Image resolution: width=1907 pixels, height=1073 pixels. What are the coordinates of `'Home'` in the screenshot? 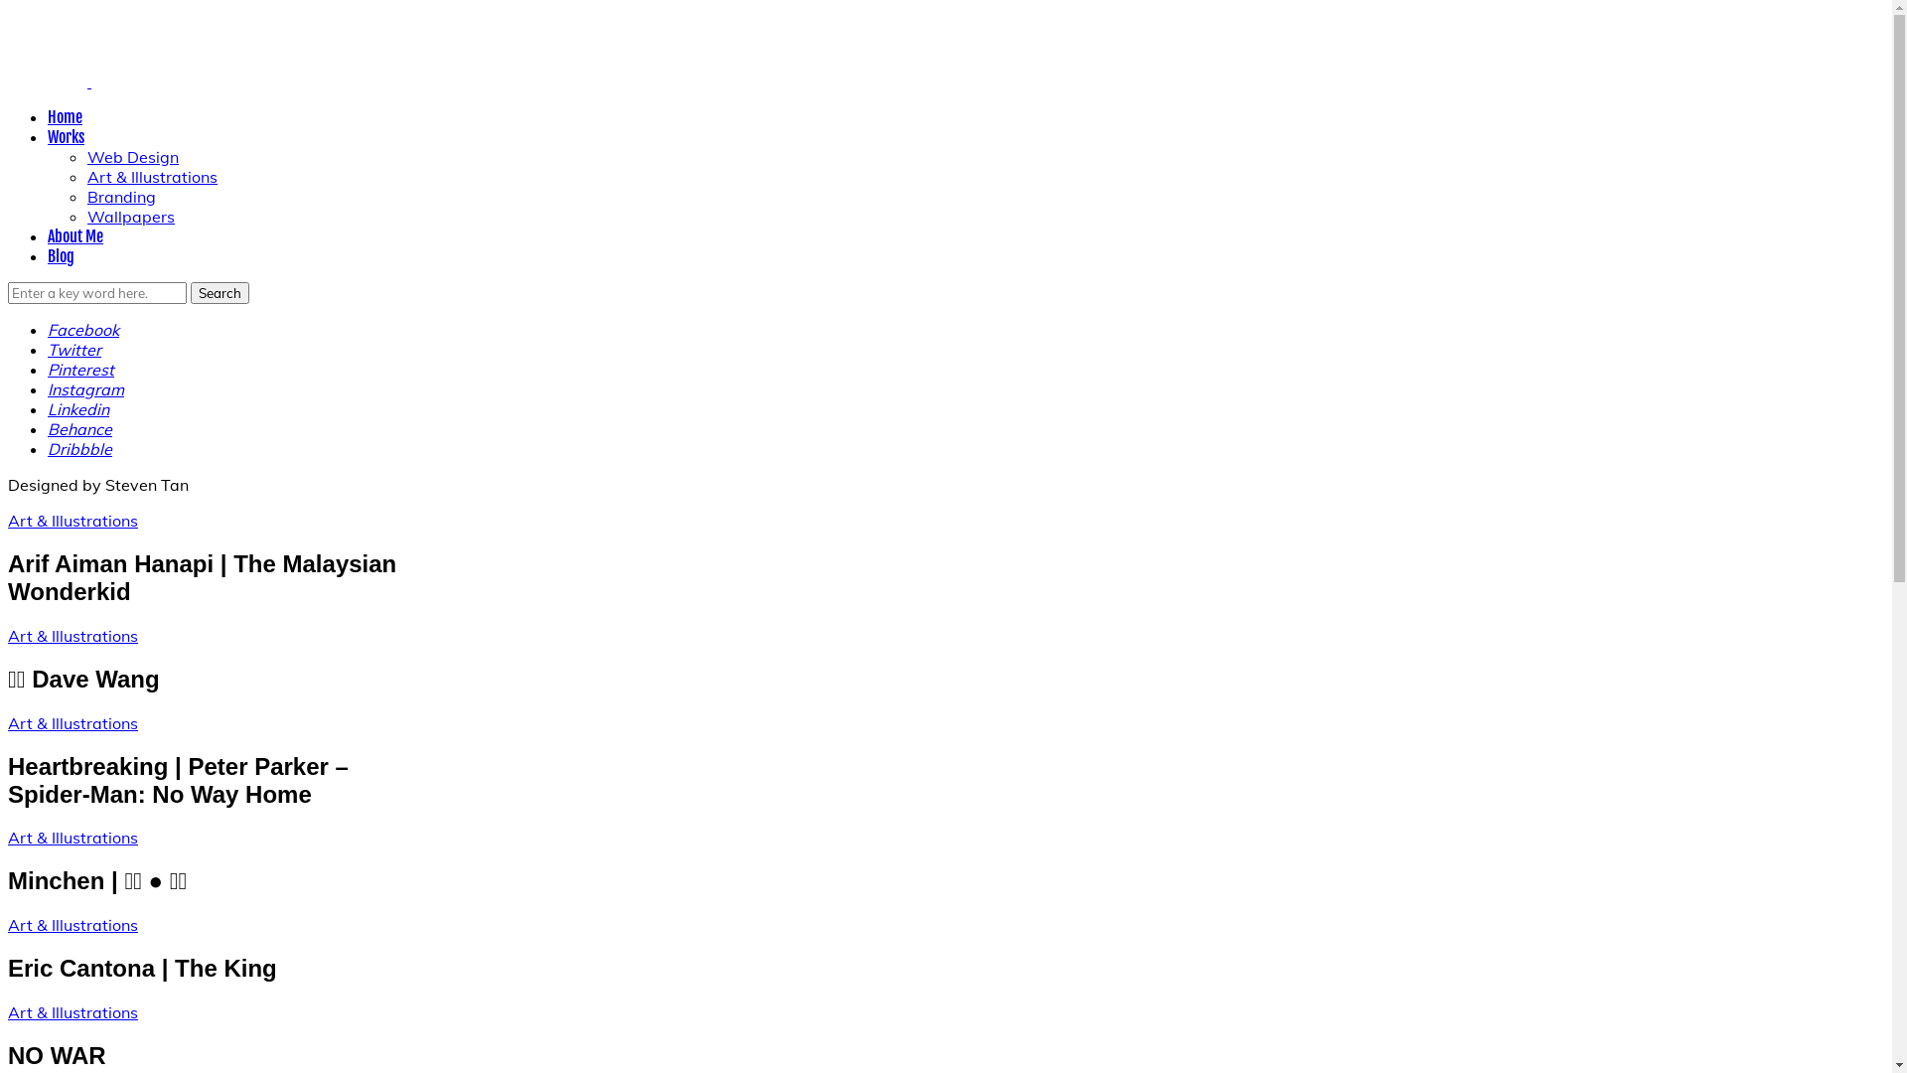 It's located at (65, 117).